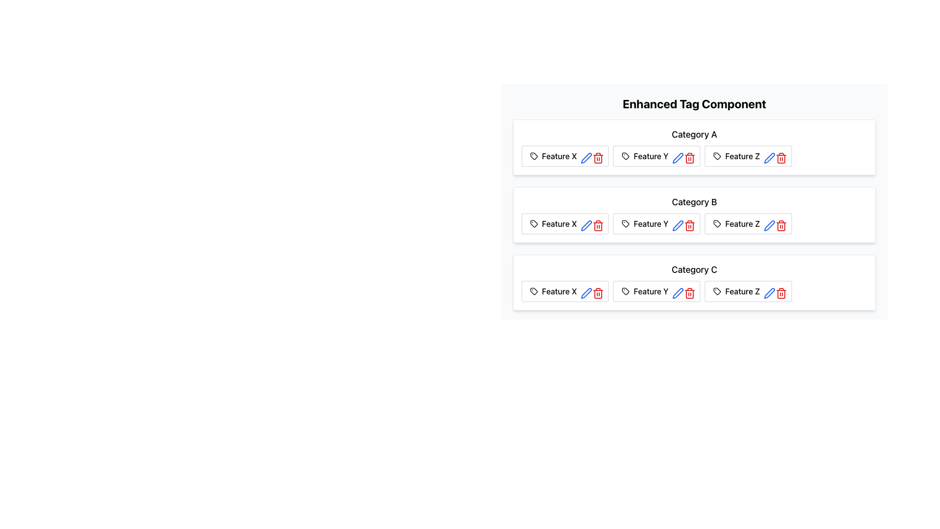  I want to click on the informational text label for 'Feature X' located in the third row under 'Category C', so click(559, 290).